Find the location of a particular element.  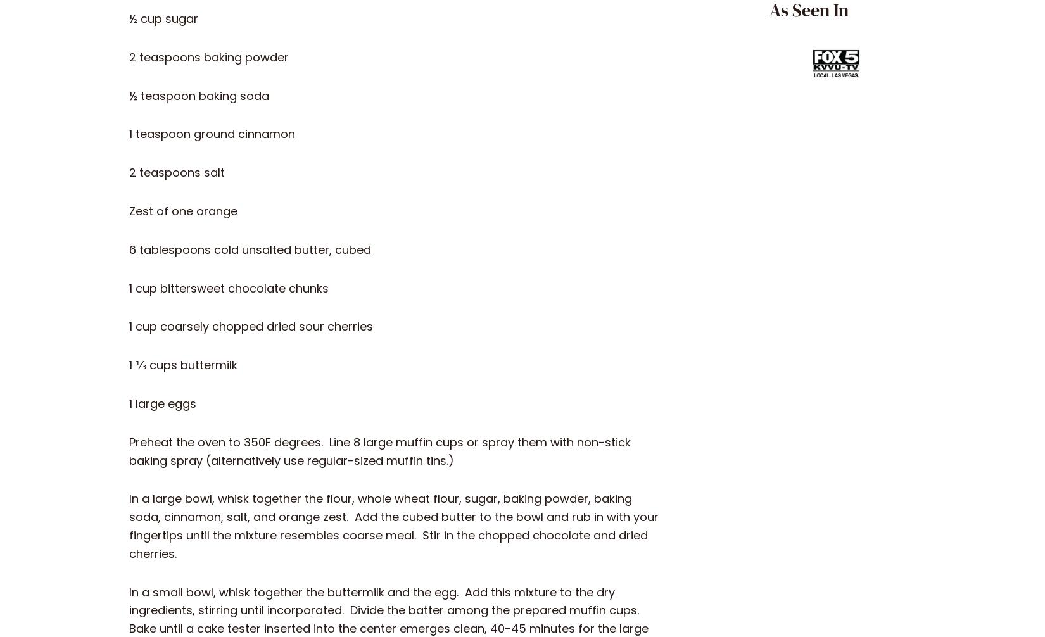

'1 cup coarsely chopped dried sour cherries' is located at coordinates (129, 326).